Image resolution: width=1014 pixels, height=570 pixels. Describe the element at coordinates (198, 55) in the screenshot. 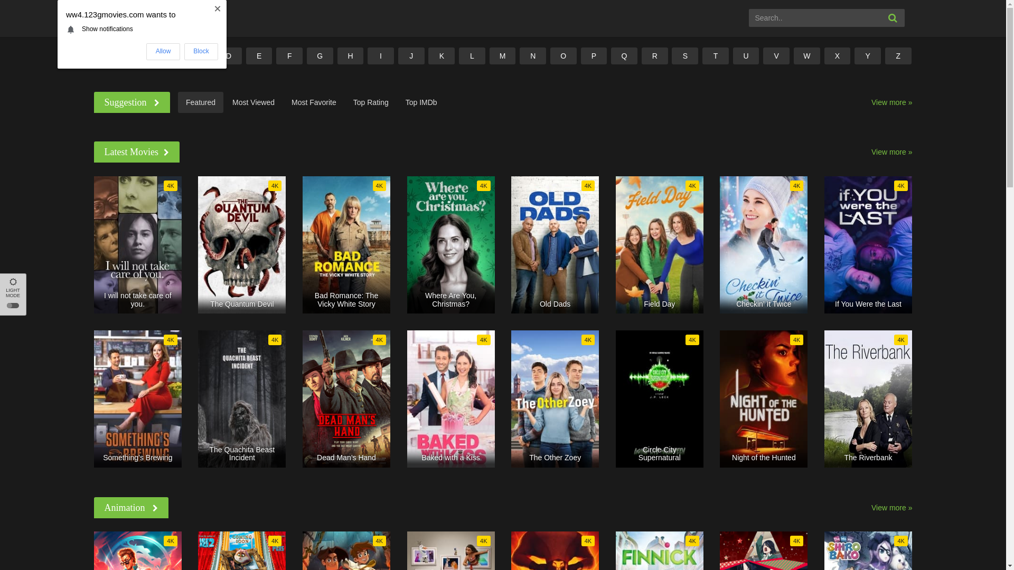

I see `'C'` at that location.